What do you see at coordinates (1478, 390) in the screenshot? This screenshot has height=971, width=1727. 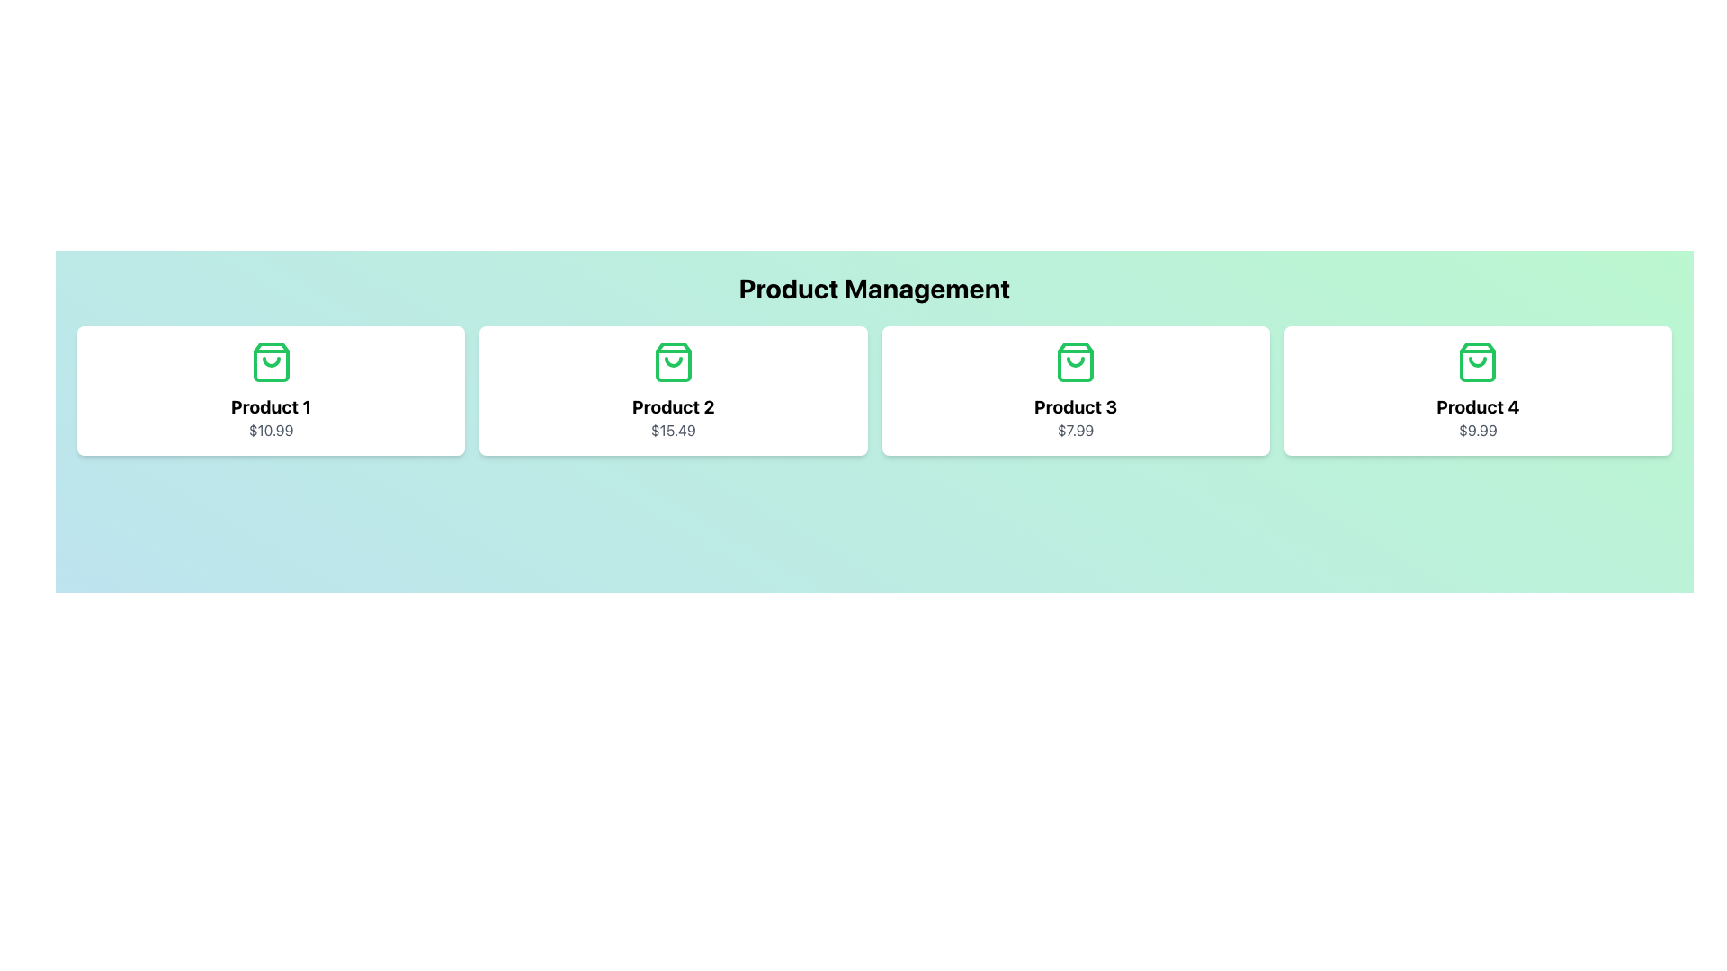 I see `the product card labeled 'Product 4' with a price of $9.99, which is the fourth item in the 'Product Management' section` at bounding box center [1478, 390].